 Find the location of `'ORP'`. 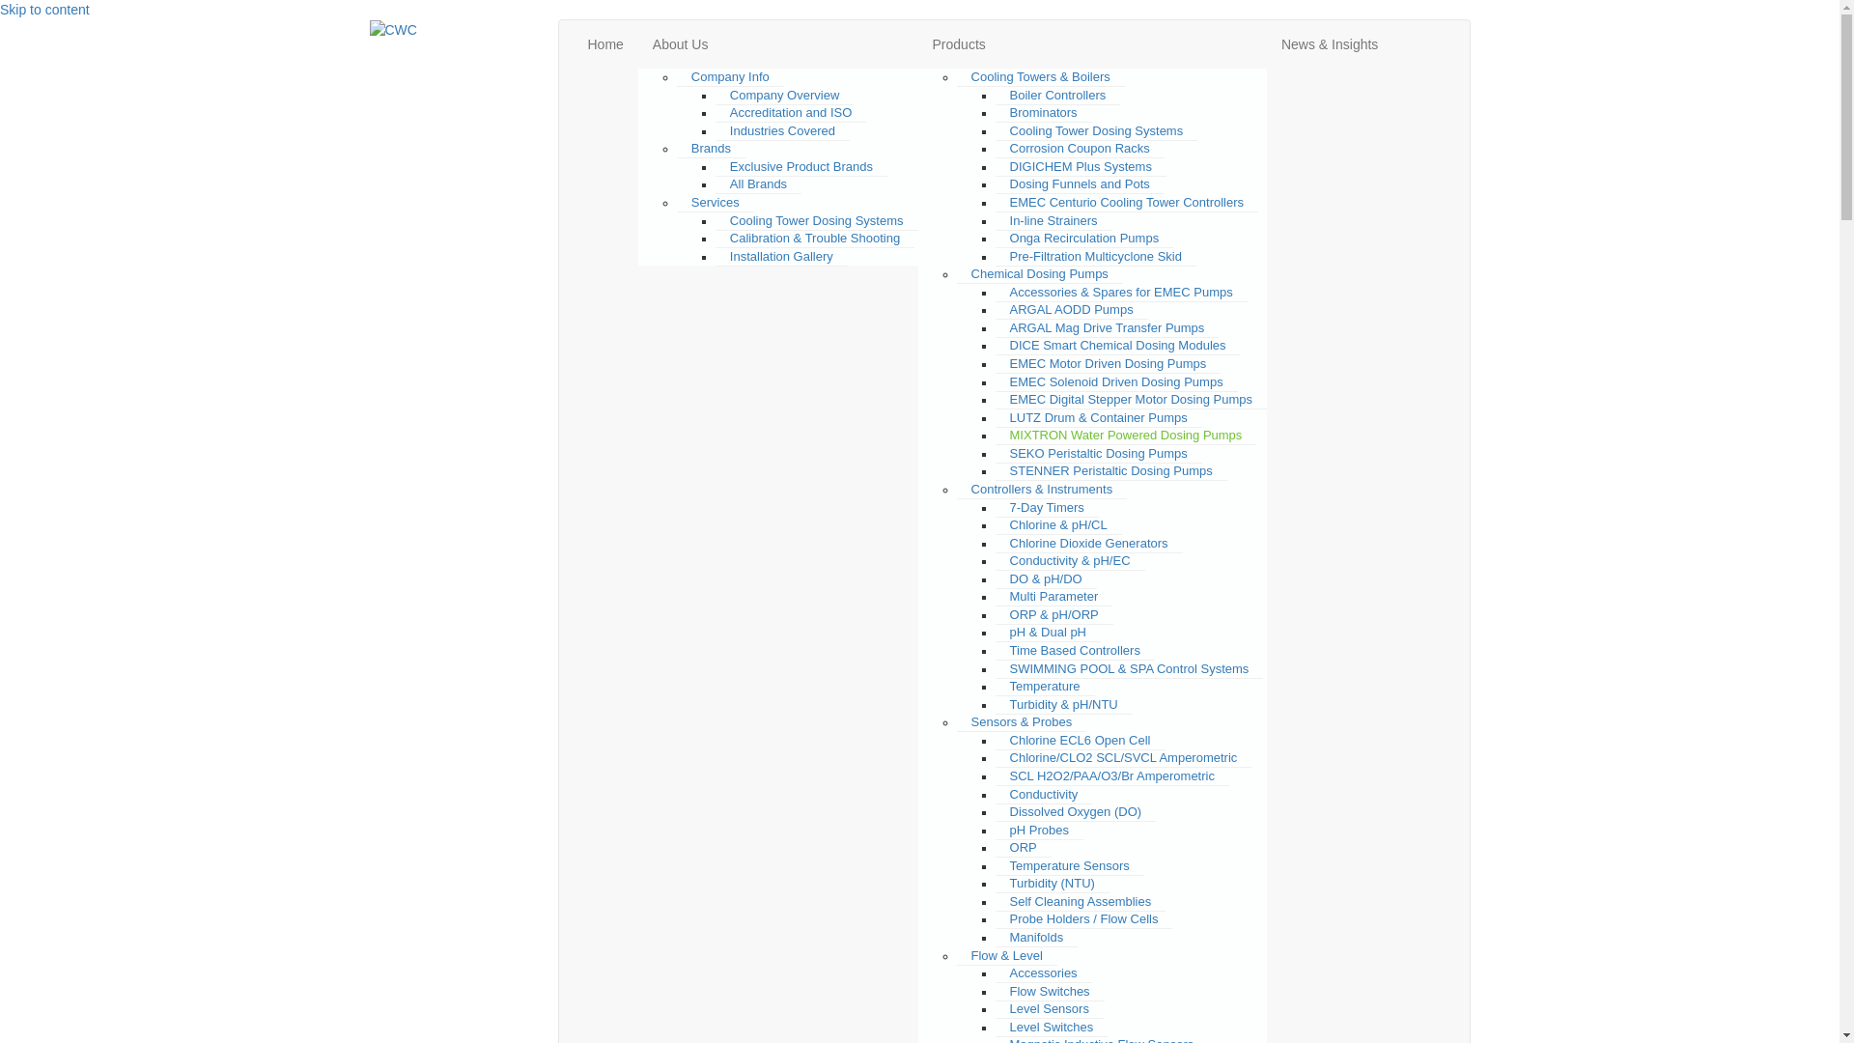

'ORP' is located at coordinates (1023, 847).